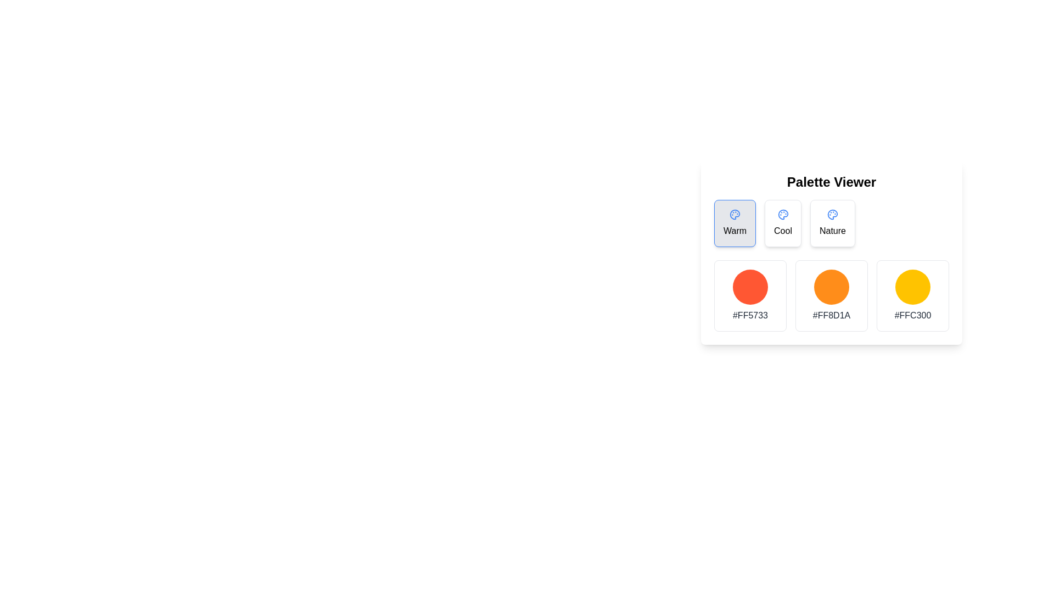 The width and height of the screenshot is (1054, 593). I want to click on color information visually on the Card element displaying the color swatch for '#FF8D1A' located in the 'Palette Viewer', so click(832, 295).